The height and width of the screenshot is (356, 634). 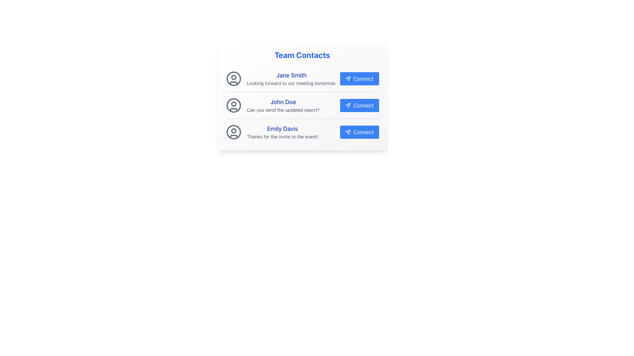 What do you see at coordinates (233, 105) in the screenshot?
I see `the largest circular part of the user icon representing 'John Doe' in the 'Team Contacts' interface` at bounding box center [233, 105].